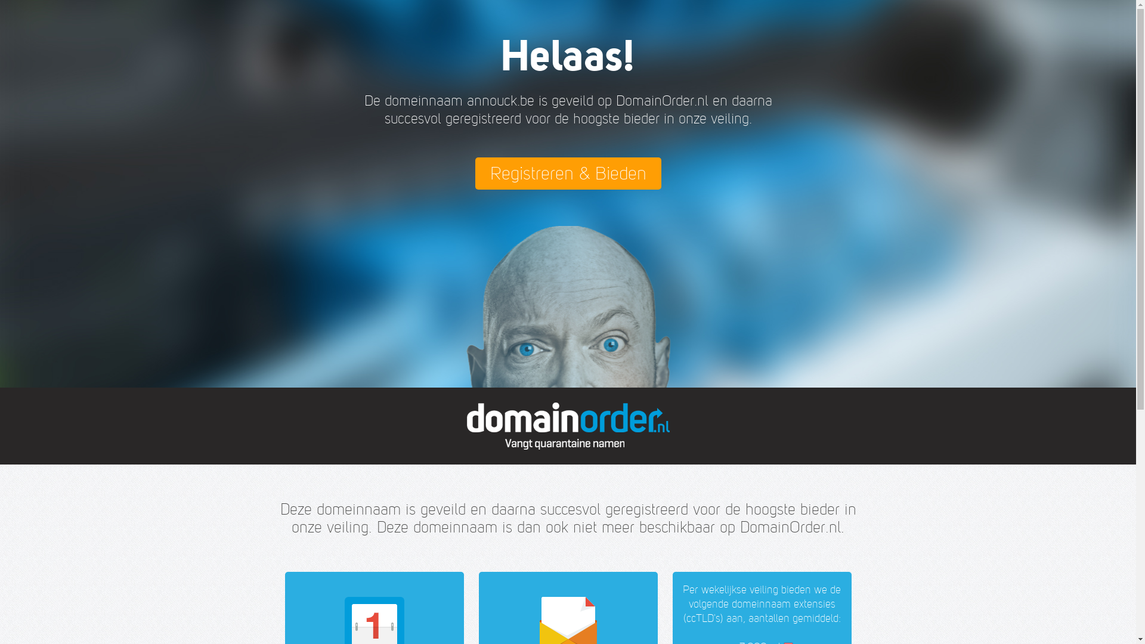  What do you see at coordinates (567, 173) in the screenshot?
I see `'Registreren & Bieden'` at bounding box center [567, 173].